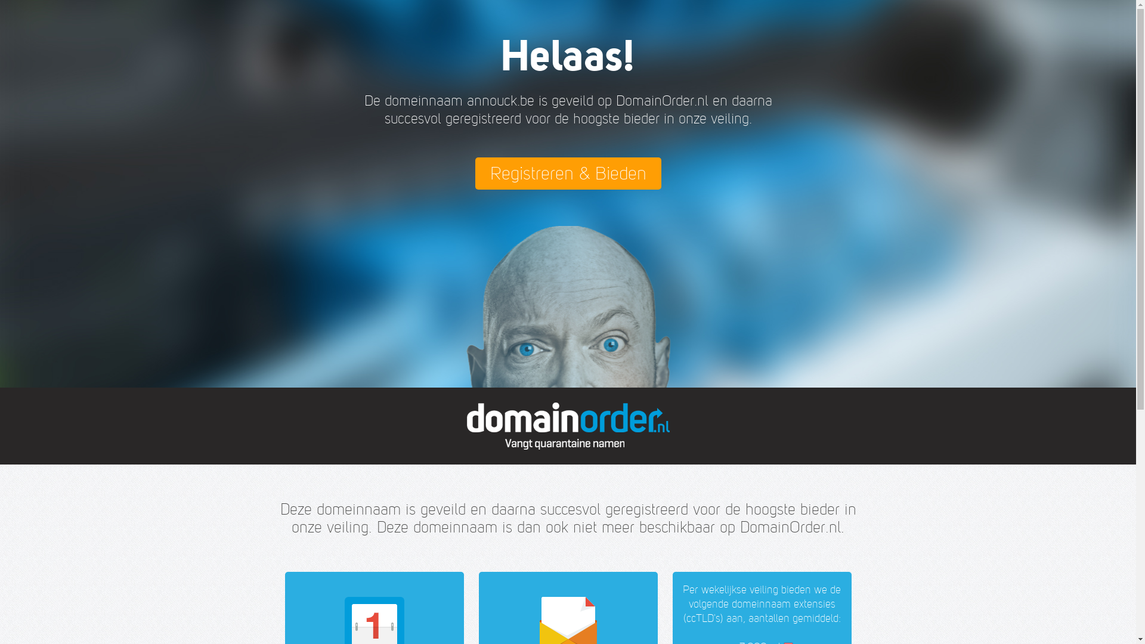  What do you see at coordinates (567, 173) in the screenshot?
I see `'Registreren & Bieden'` at bounding box center [567, 173].